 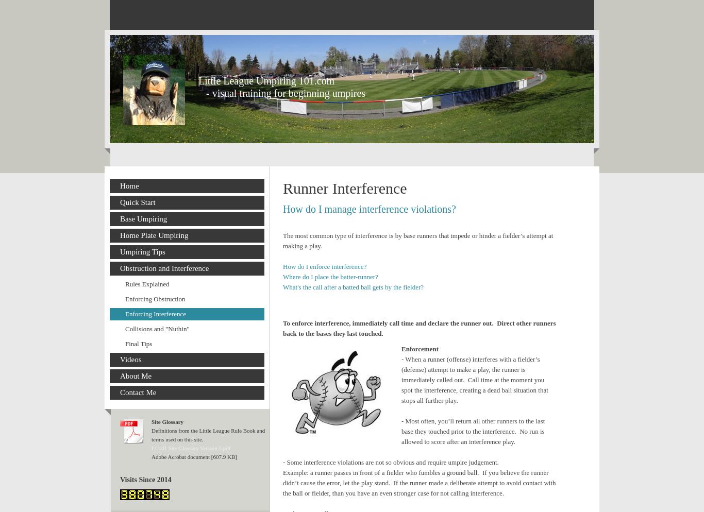 I want to click on 'Enforcing Interference', so click(x=125, y=313).